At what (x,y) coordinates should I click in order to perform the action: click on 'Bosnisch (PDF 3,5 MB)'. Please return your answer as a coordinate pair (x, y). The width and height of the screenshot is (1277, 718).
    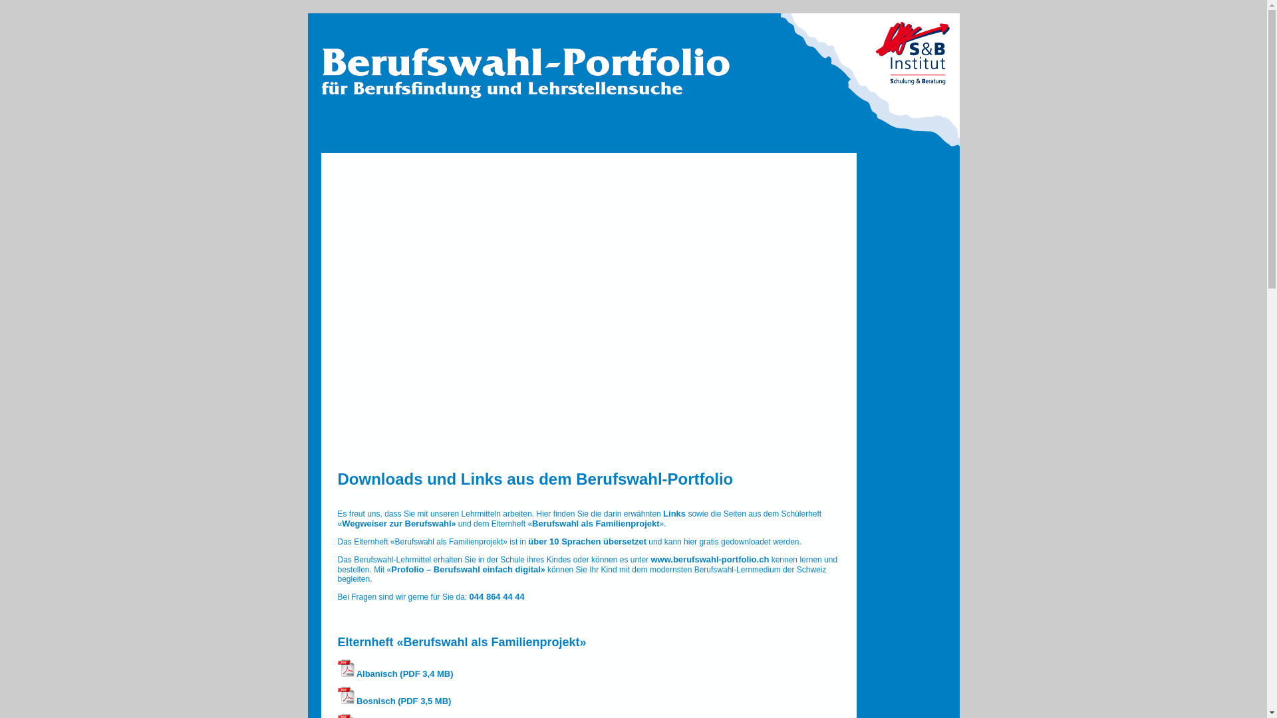
    Looking at the image, I should click on (394, 700).